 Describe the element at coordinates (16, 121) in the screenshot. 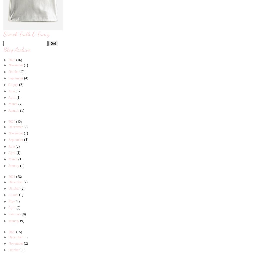

I see `'(12)'` at that location.